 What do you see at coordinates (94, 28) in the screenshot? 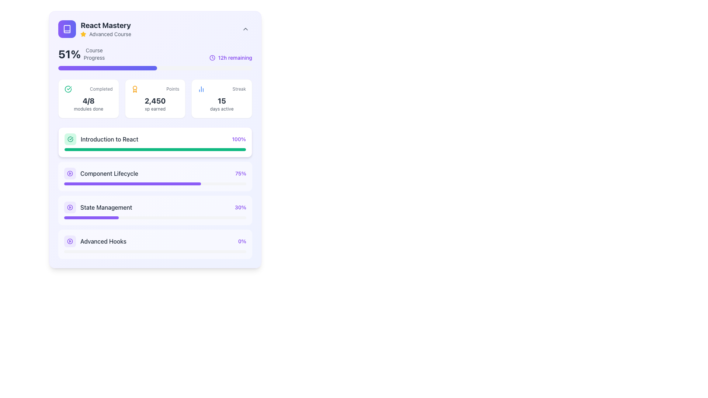
I see `title and subtitle text of the header element that identifies the course as 'React Mastery' and 'Advanced Course', located at the top-left corner of the display above the progress section` at bounding box center [94, 28].